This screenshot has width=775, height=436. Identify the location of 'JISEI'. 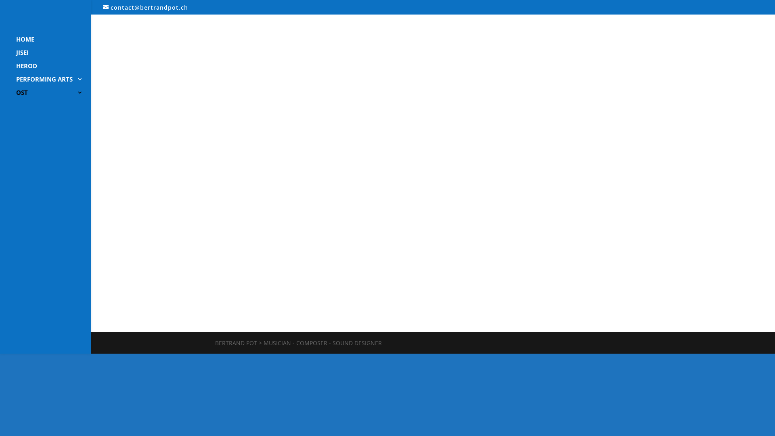
(16, 56).